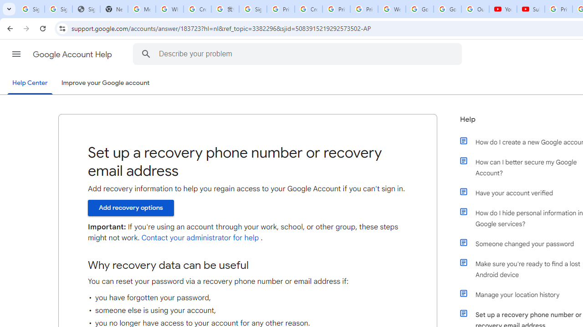 The width and height of the screenshot is (583, 327). Describe the element at coordinates (531, 9) in the screenshot. I see `'Subscriptions - YouTube'` at that location.